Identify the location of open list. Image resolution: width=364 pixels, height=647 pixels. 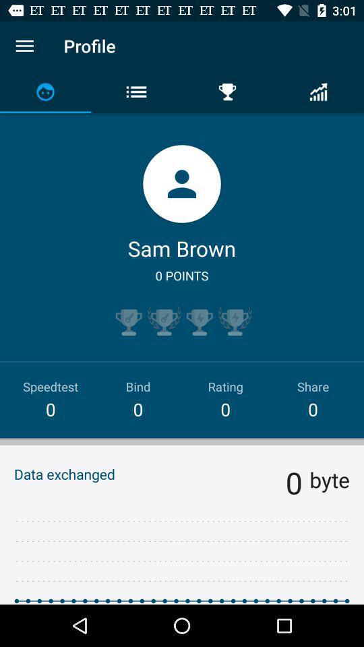
(24, 46).